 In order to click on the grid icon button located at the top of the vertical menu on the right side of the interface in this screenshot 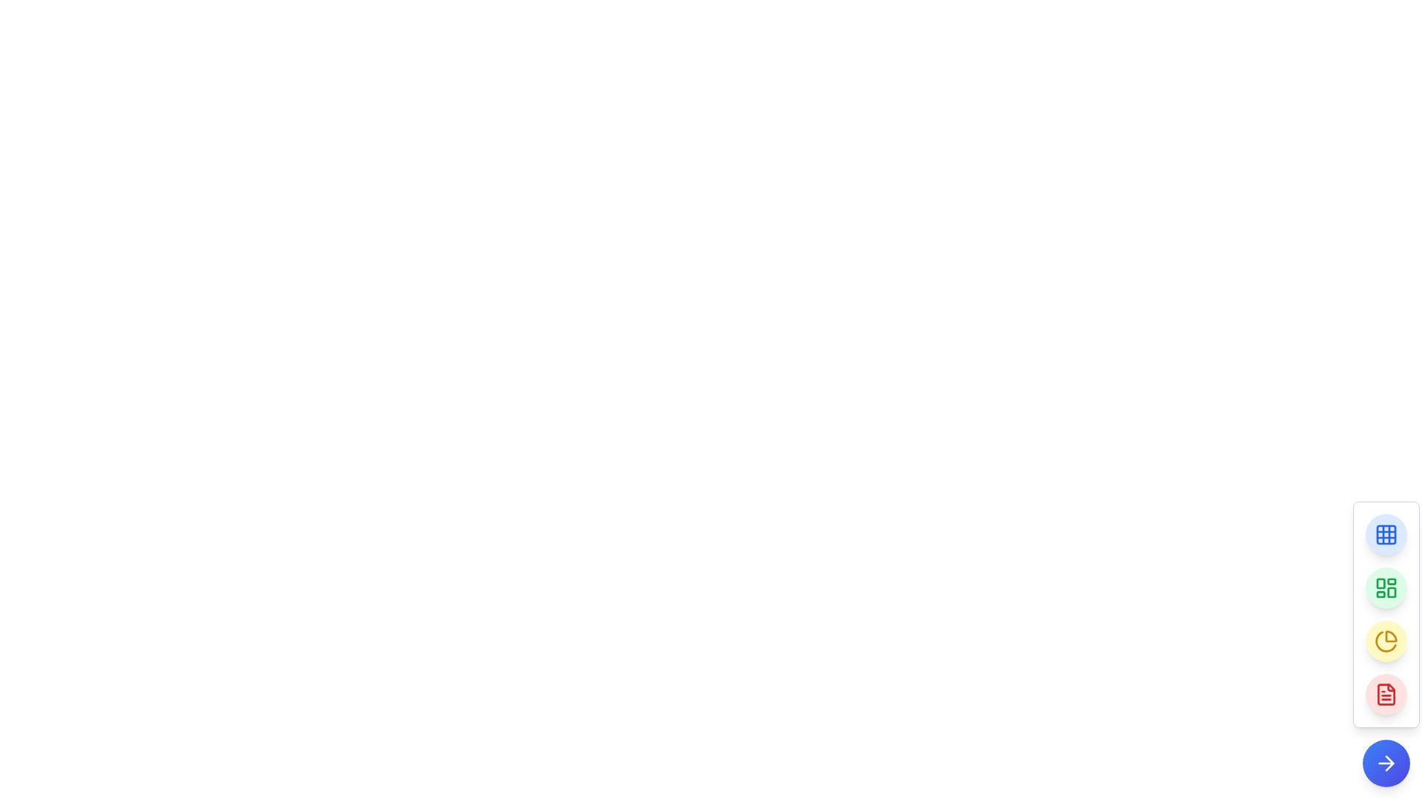, I will do `click(1386, 534)`.